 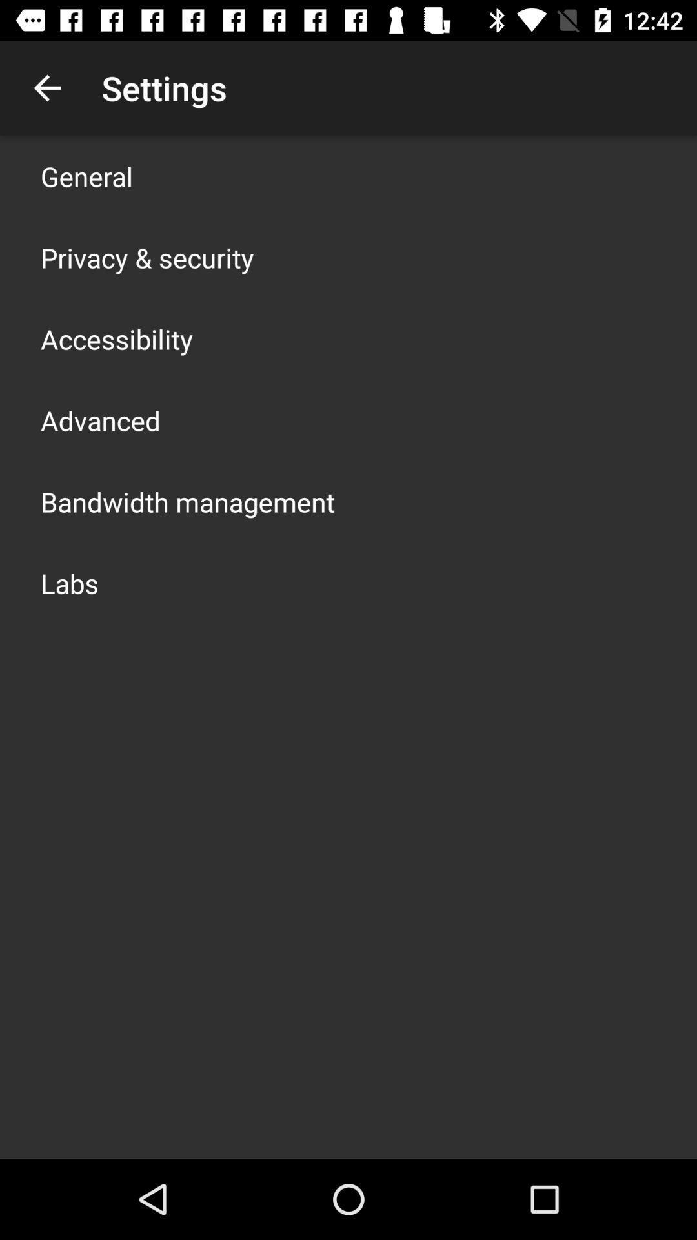 What do you see at coordinates (146, 257) in the screenshot?
I see `privacy & security app` at bounding box center [146, 257].